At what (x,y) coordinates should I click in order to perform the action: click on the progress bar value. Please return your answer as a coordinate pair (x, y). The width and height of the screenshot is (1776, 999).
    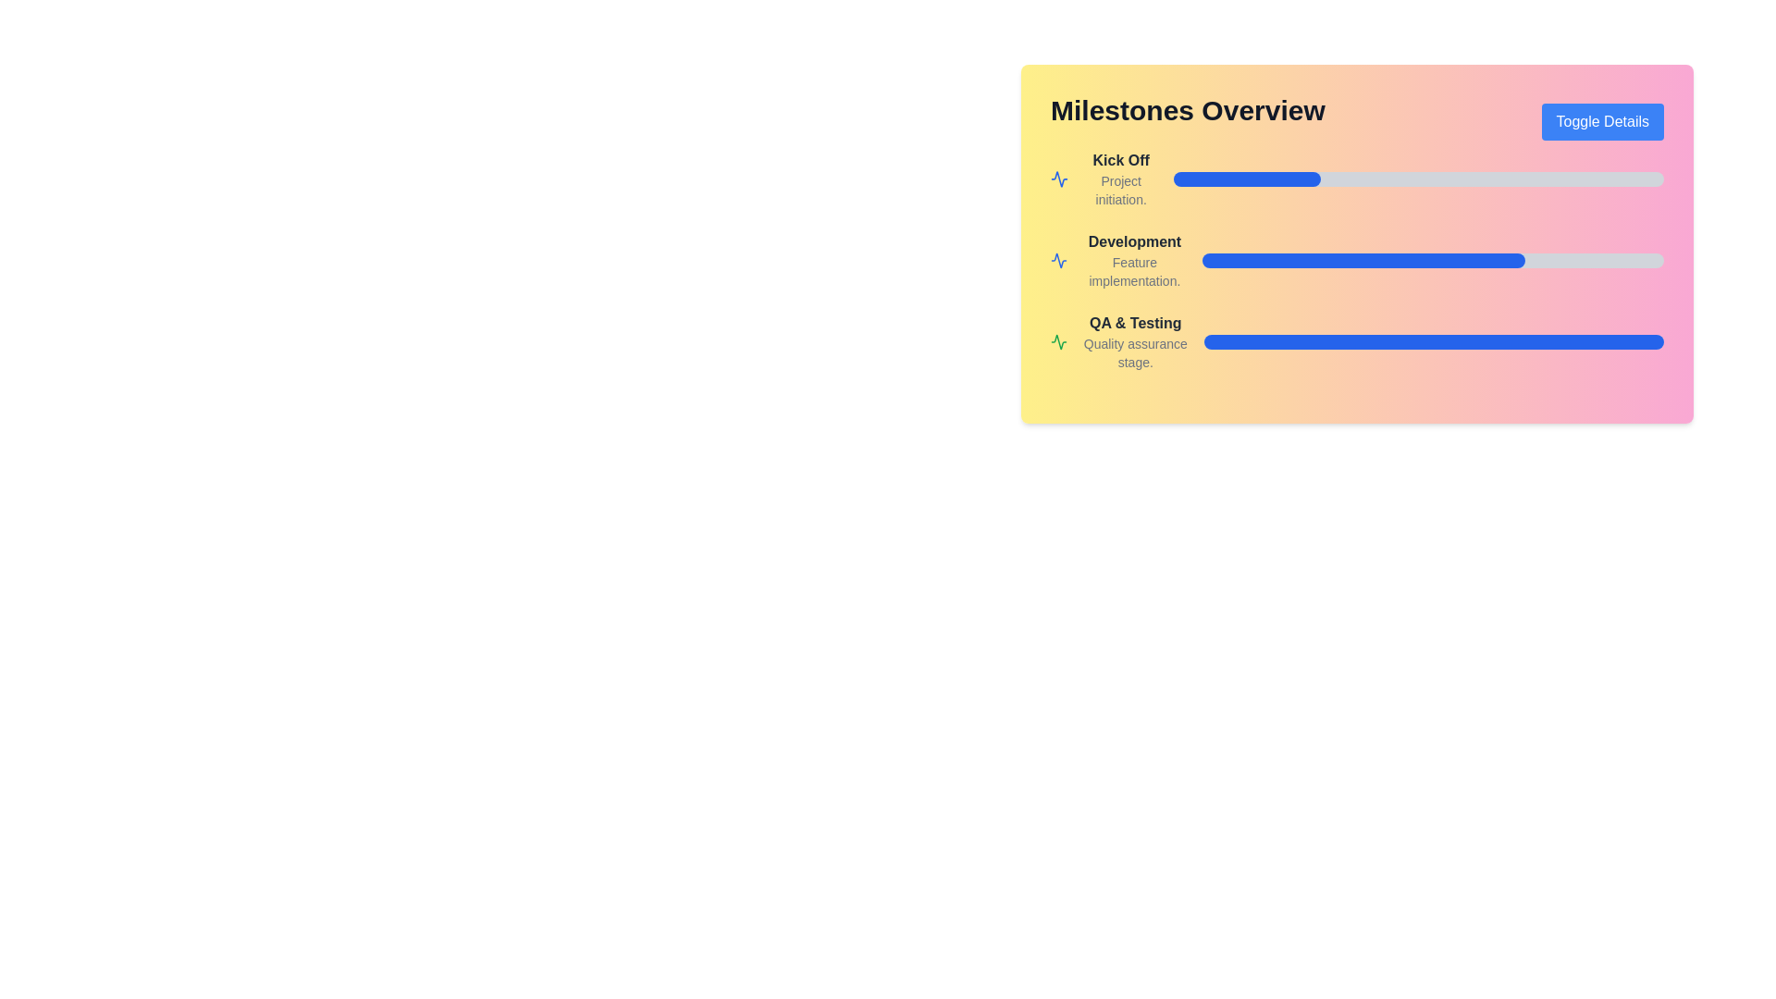
    Looking at the image, I should click on (1263, 342).